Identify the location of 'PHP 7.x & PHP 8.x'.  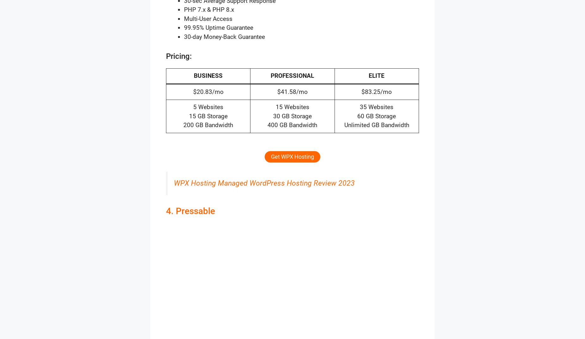
(184, 9).